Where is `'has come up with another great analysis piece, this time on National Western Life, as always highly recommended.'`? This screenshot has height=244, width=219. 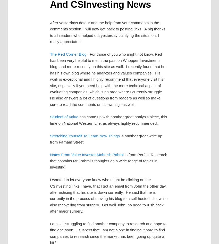 'has come up with another great analysis piece, this time on National Western Life, as always highly recommended.' is located at coordinates (108, 120).